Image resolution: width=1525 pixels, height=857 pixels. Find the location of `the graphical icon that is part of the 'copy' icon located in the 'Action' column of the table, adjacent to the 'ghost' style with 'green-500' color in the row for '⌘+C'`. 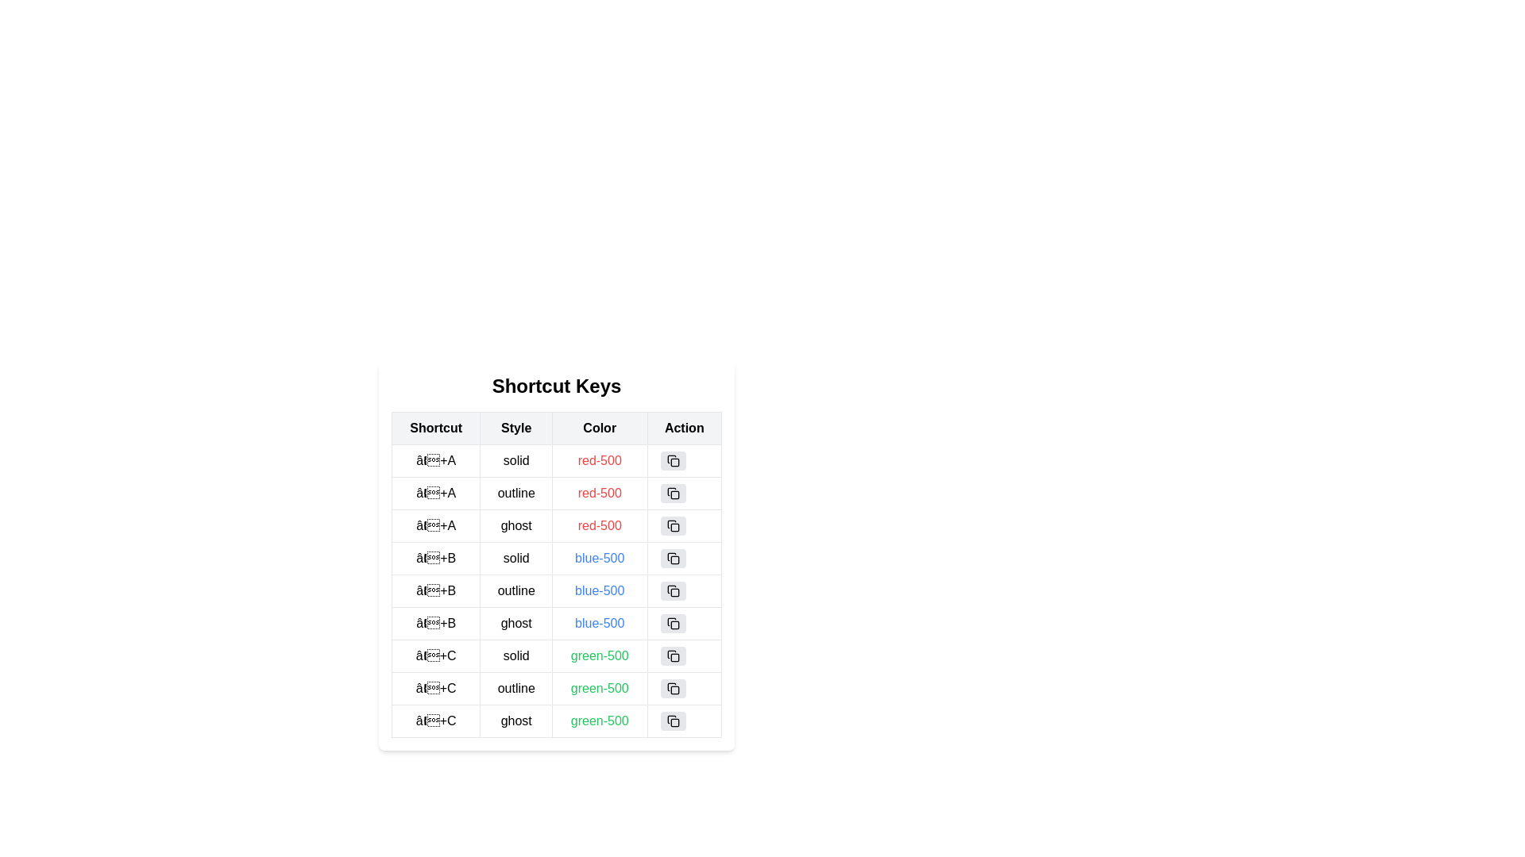

the graphical icon that is part of the 'copy' icon located in the 'Action' column of the table, adjacent to the 'ghost' style with 'green-500' color in the row for '⌘+C' is located at coordinates (674, 722).